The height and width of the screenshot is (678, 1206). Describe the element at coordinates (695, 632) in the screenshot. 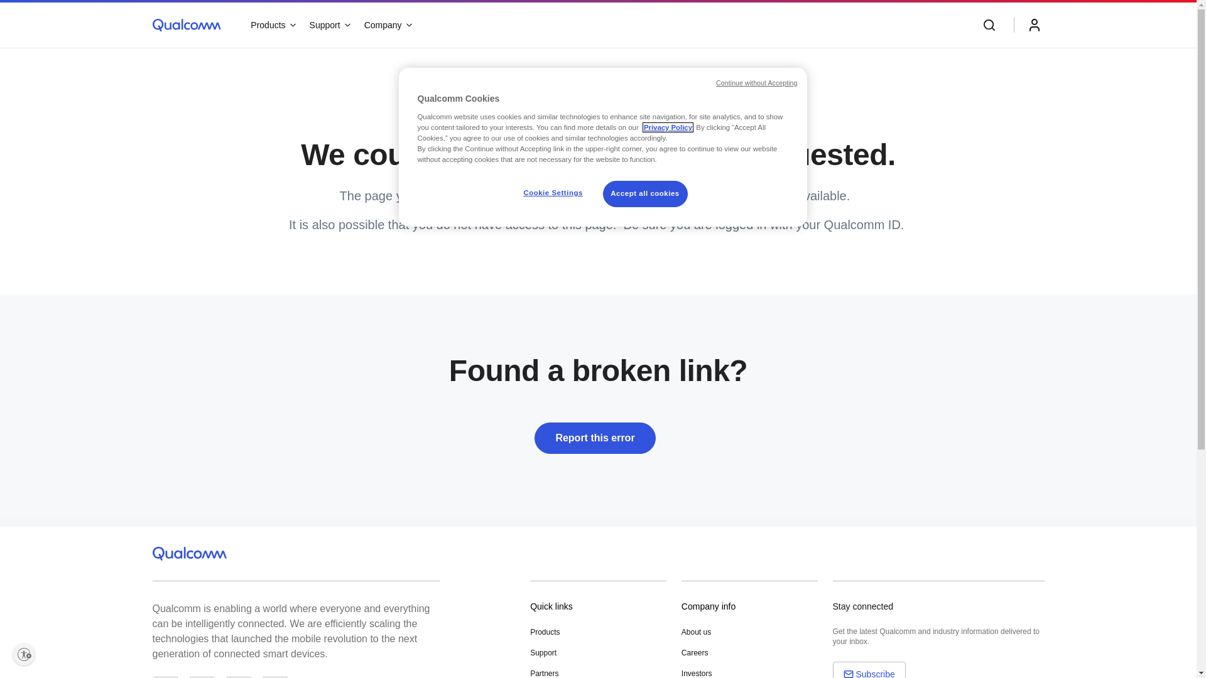

I see `'About us'` at that location.